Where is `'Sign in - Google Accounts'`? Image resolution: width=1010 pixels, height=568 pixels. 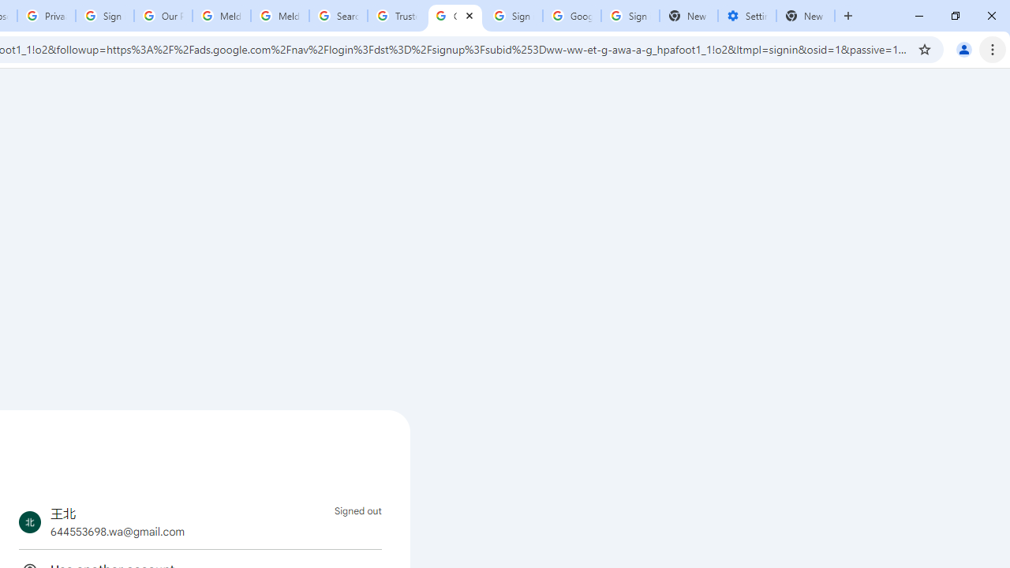
'Sign in - Google Accounts' is located at coordinates (629, 16).